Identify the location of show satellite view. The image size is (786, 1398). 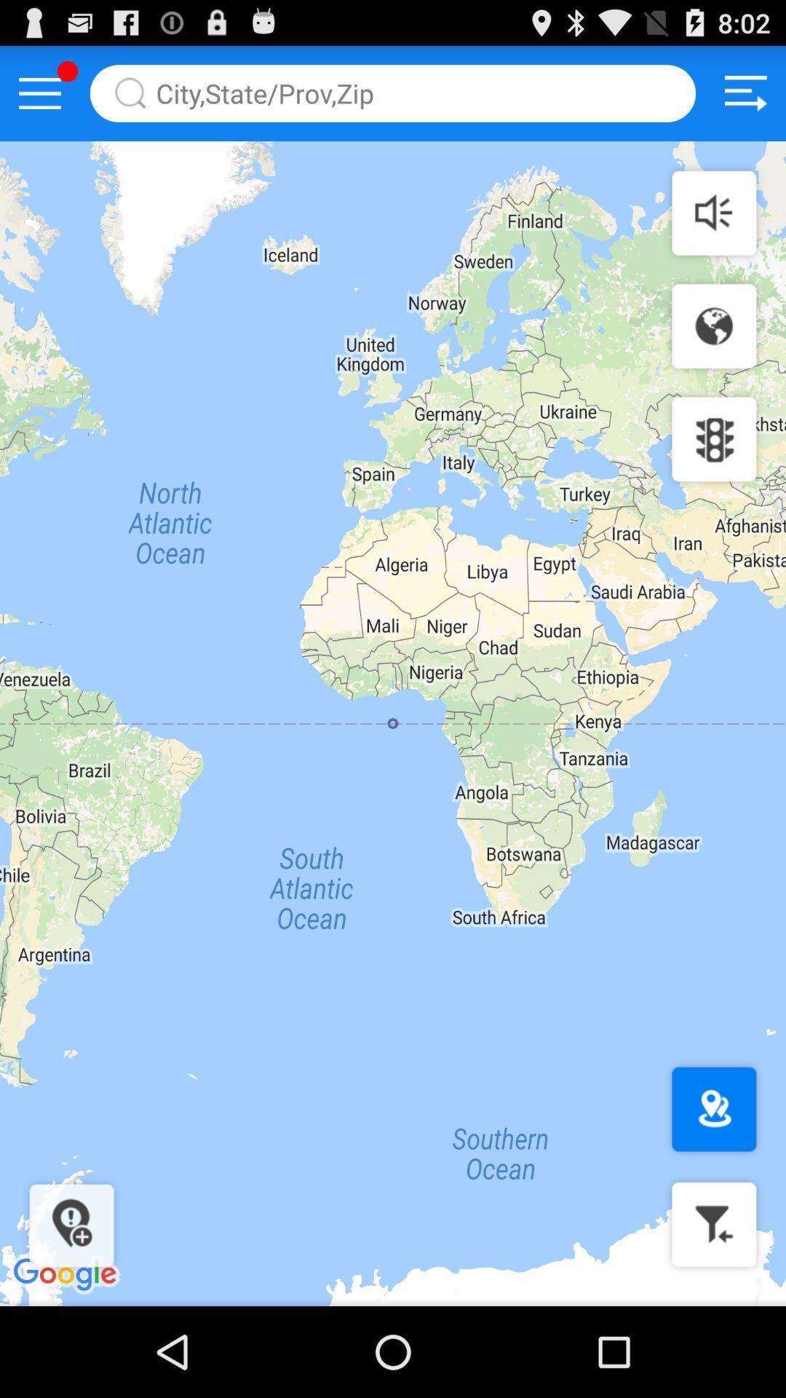
(713, 325).